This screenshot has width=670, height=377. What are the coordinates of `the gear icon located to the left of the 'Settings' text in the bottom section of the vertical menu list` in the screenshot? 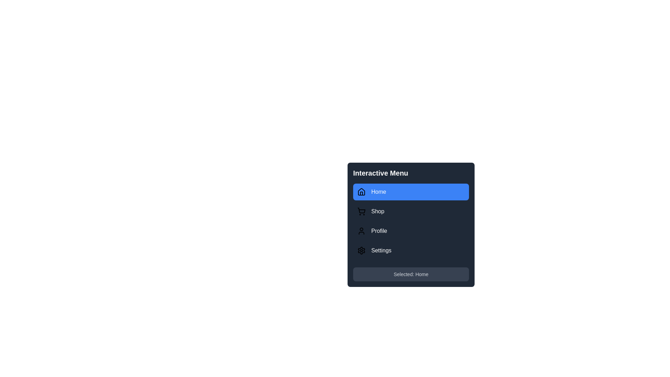 It's located at (362, 250).